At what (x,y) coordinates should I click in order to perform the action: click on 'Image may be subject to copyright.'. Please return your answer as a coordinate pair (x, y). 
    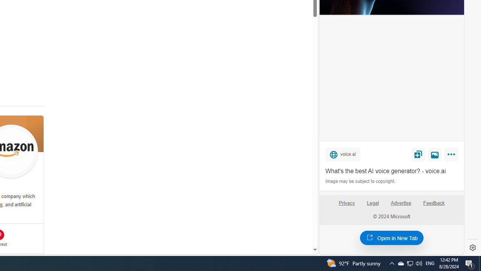
    Looking at the image, I should click on (361, 181).